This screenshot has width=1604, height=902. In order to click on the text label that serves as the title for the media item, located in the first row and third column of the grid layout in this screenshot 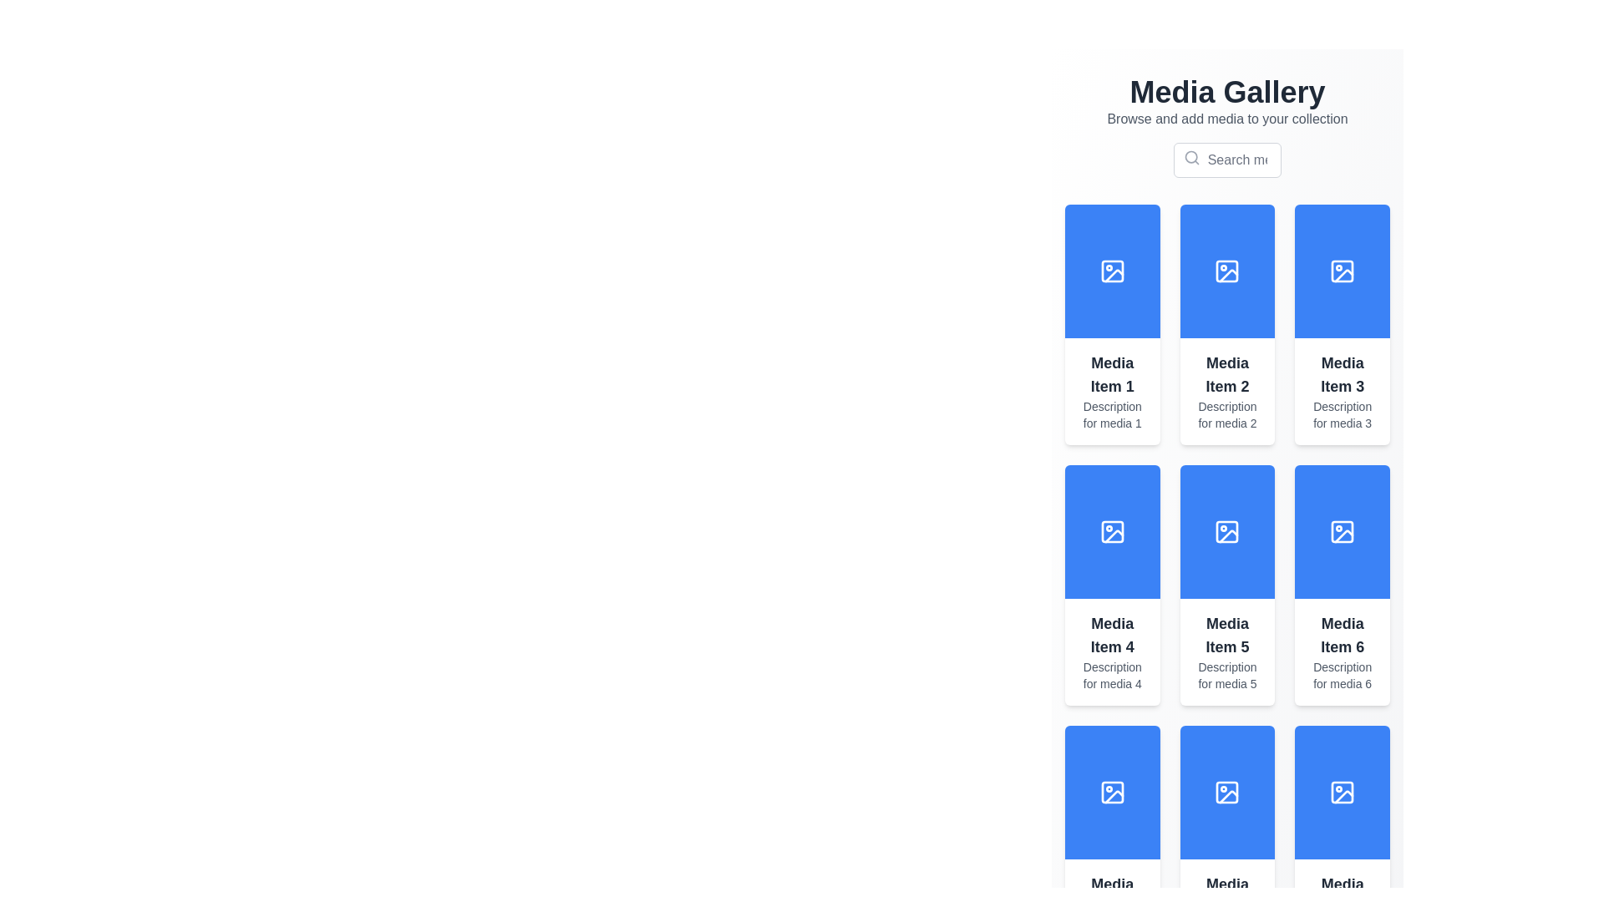, I will do `click(1343, 373)`.